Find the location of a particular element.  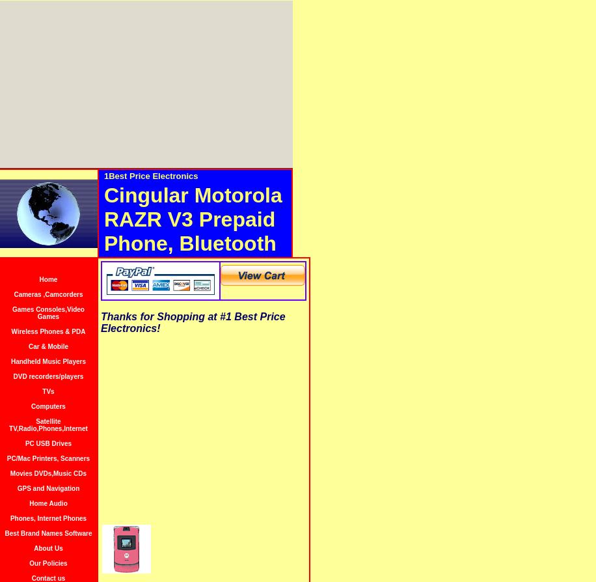

'Phones, Internet  Phones' is located at coordinates (47, 518).